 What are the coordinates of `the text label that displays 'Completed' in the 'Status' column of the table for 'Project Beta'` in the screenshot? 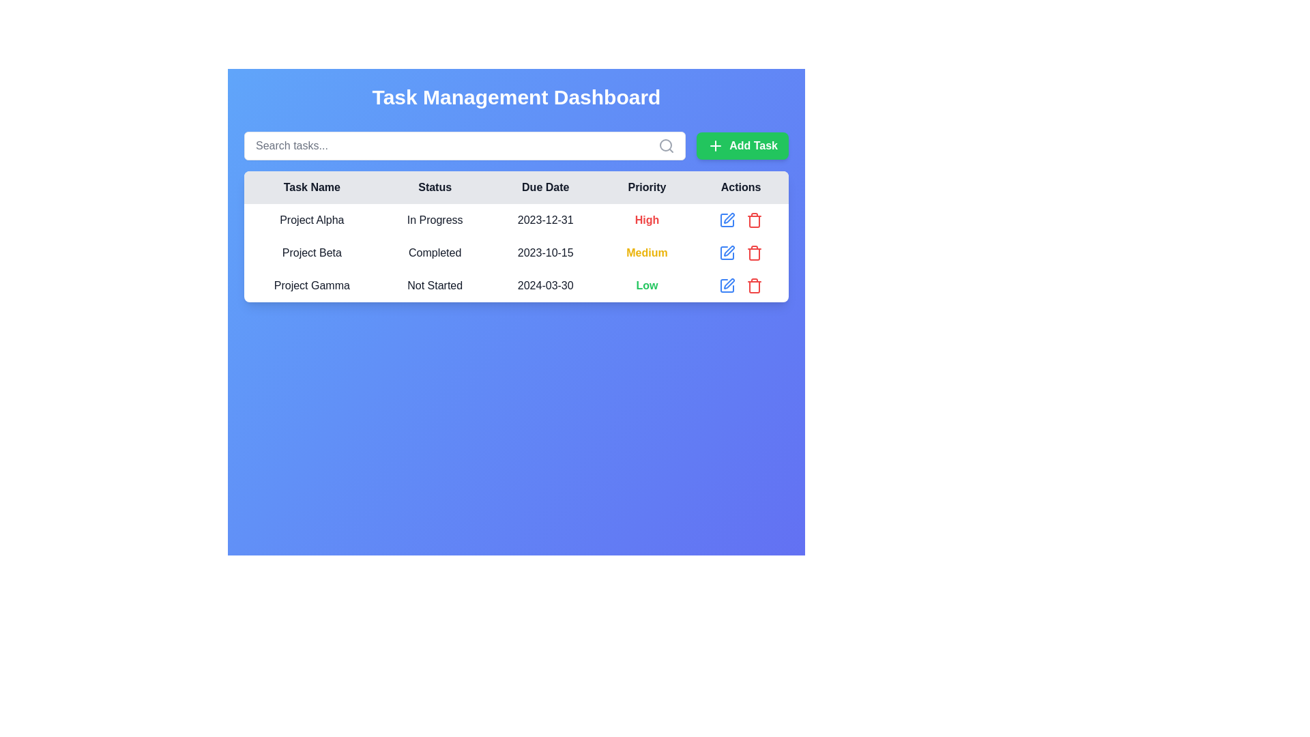 It's located at (434, 252).